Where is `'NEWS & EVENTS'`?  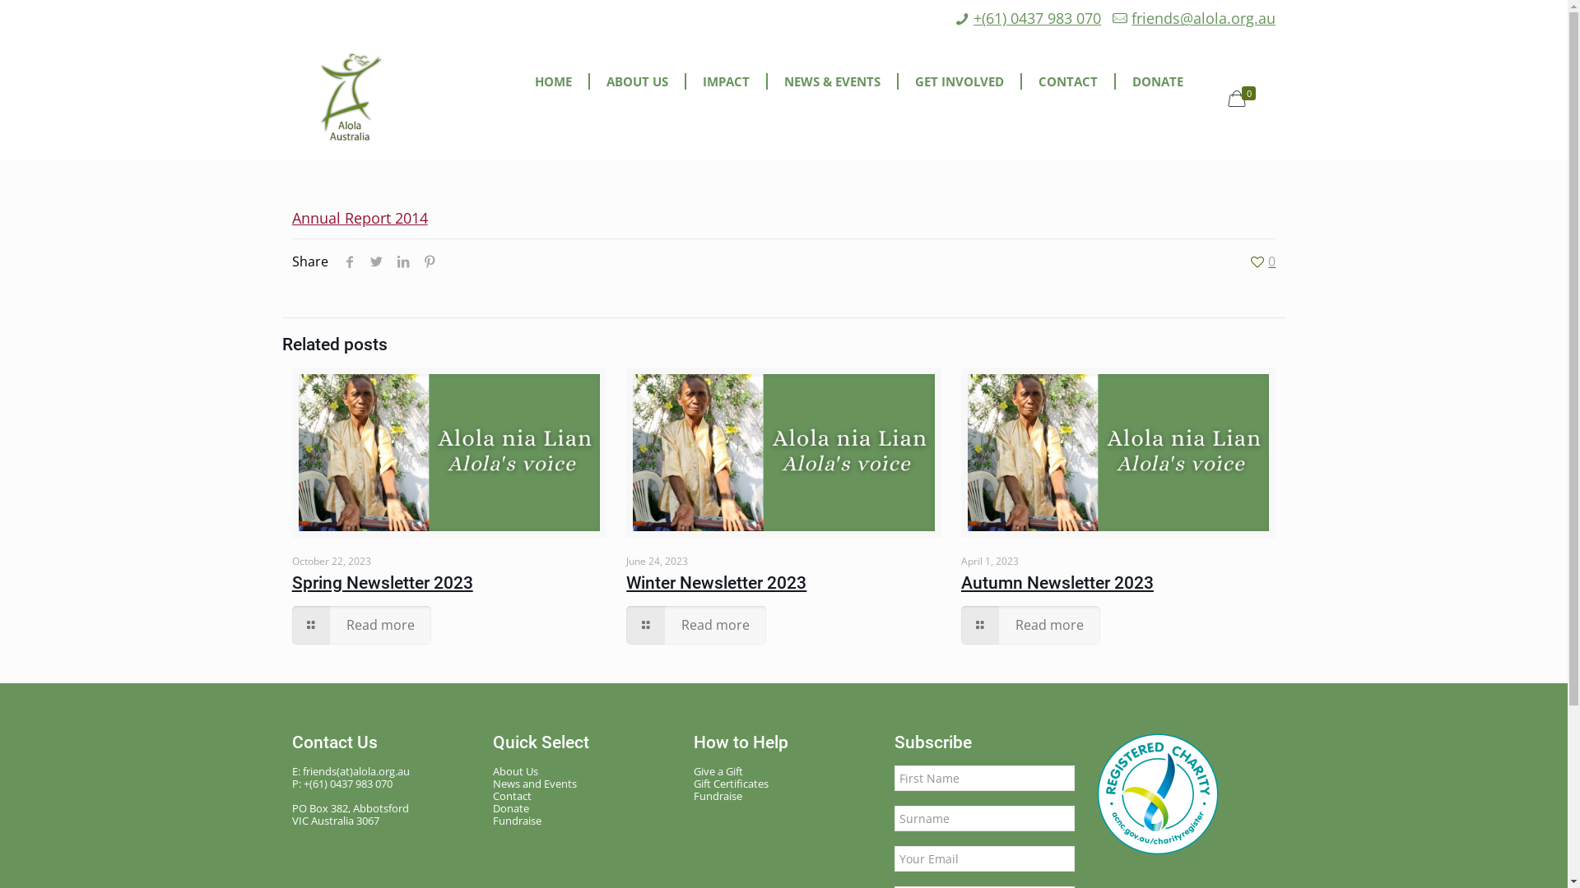
'NEWS & EVENTS' is located at coordinates (833, 81).